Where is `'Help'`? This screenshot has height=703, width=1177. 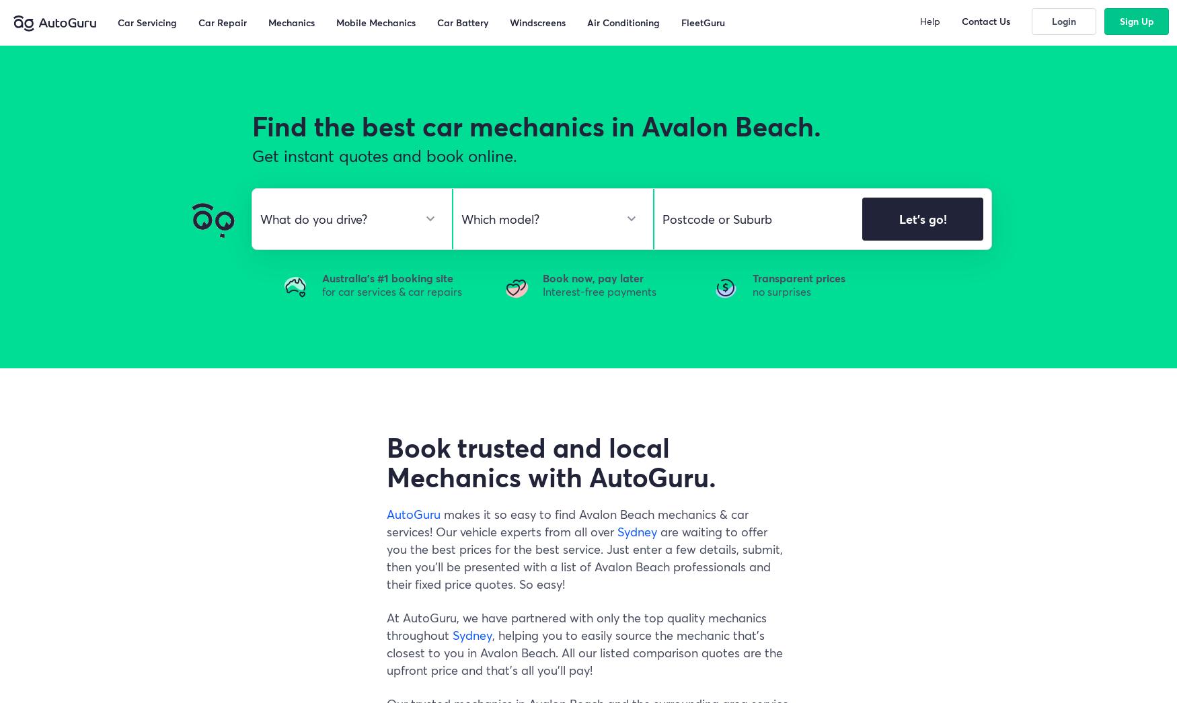 'Help' is located at coordinates (929, 20).